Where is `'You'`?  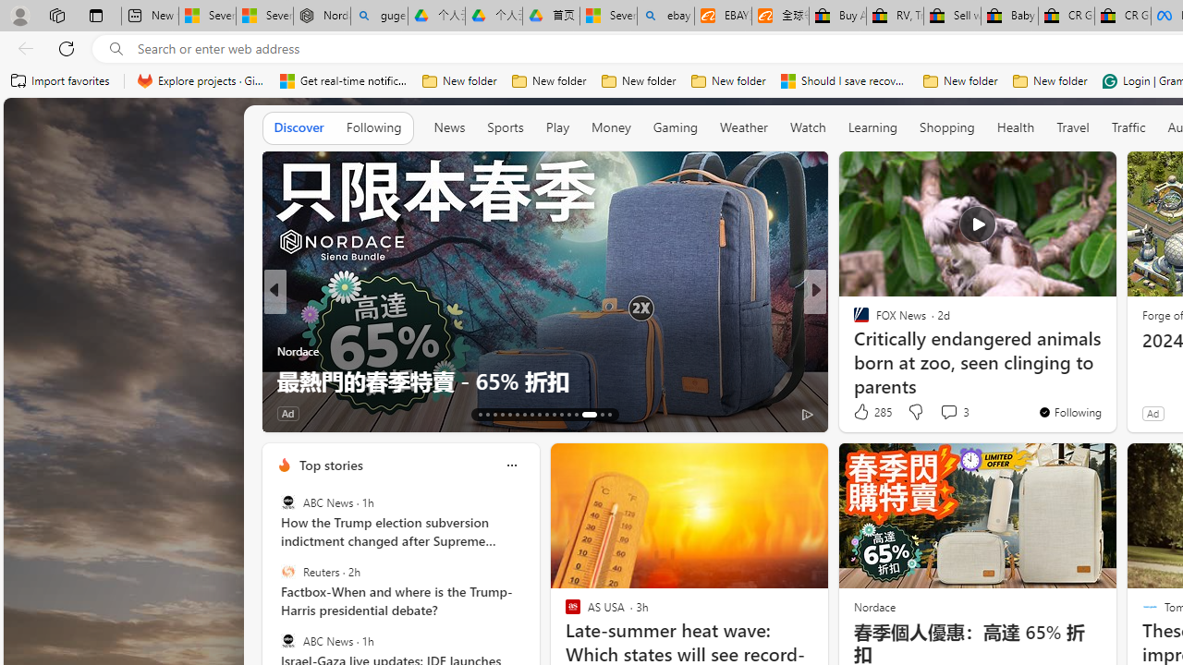
'You' is located at coordinates (1069, 411).